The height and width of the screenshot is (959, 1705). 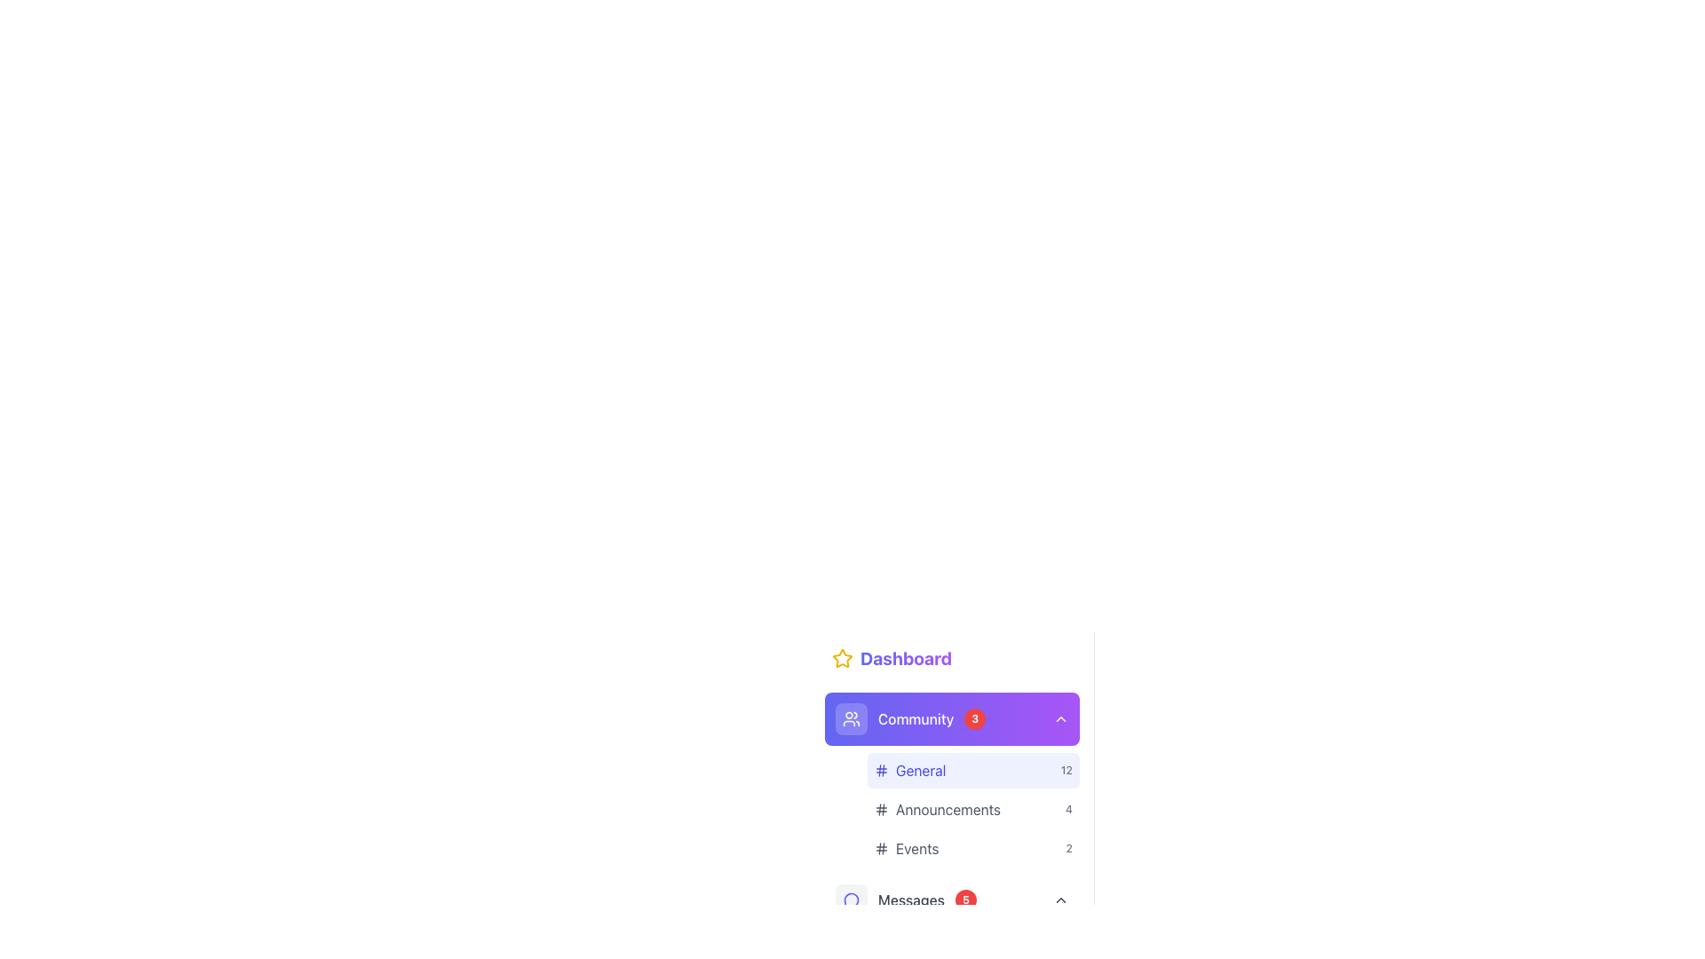 I want to click on the indigo message bubble icon located within a light gray rounded square background, positioned just to the left of the 'Messages' text, so click(x=851, y=900).